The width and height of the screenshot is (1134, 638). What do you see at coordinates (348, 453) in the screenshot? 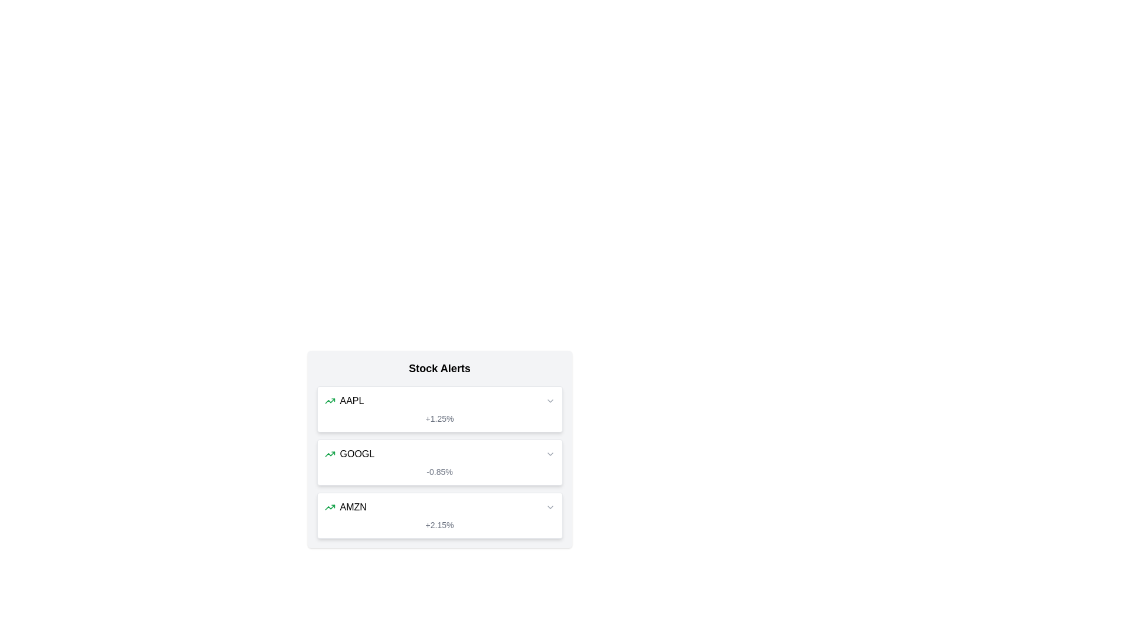
I see `stock label 'GOOGL' which is styled with a medium font weight and has an uptrend arrow icon in green, positioned in the center area of the stock alerts list` at bounding box center [348, 453].